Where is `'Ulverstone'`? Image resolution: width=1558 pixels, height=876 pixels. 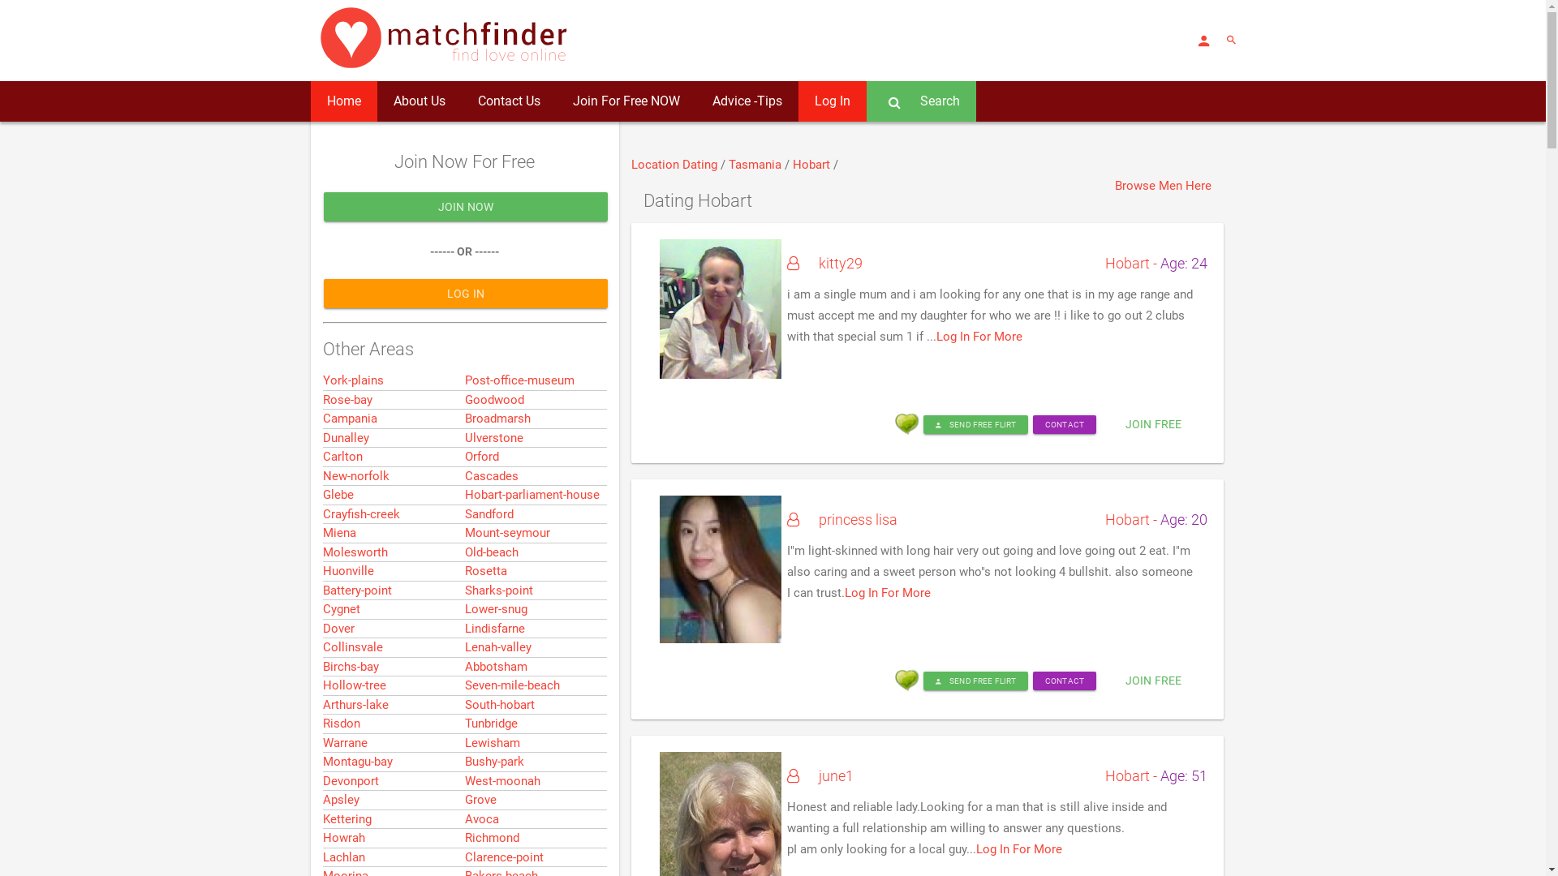
'Ulverstone' is located at coordinates (493, 438).